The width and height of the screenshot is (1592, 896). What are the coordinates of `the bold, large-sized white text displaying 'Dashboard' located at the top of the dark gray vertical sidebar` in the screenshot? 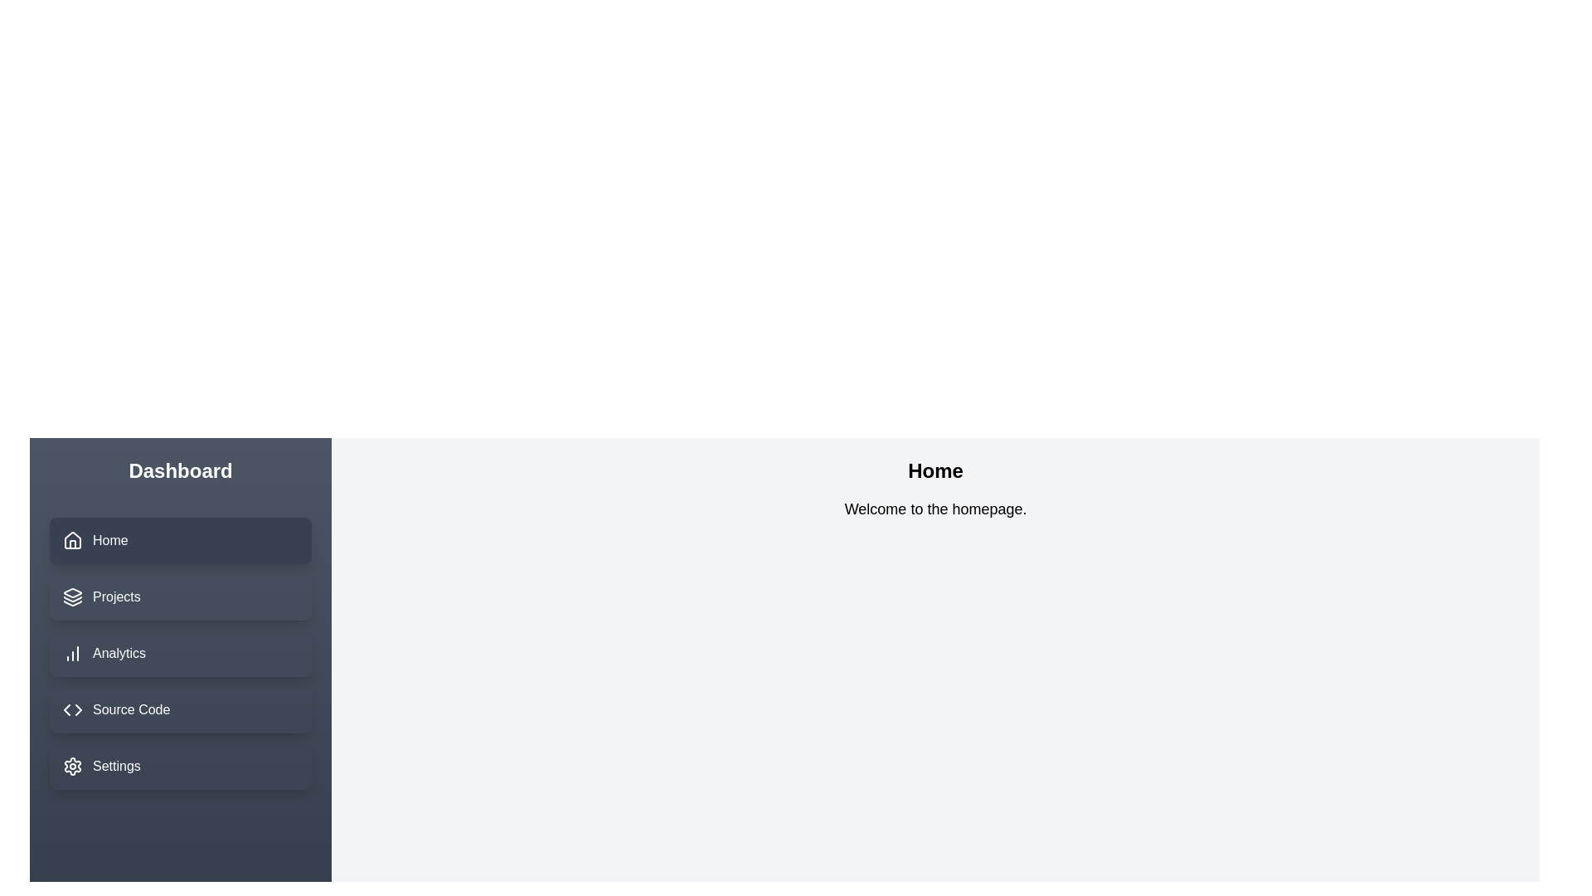 It's located at (181, 470).